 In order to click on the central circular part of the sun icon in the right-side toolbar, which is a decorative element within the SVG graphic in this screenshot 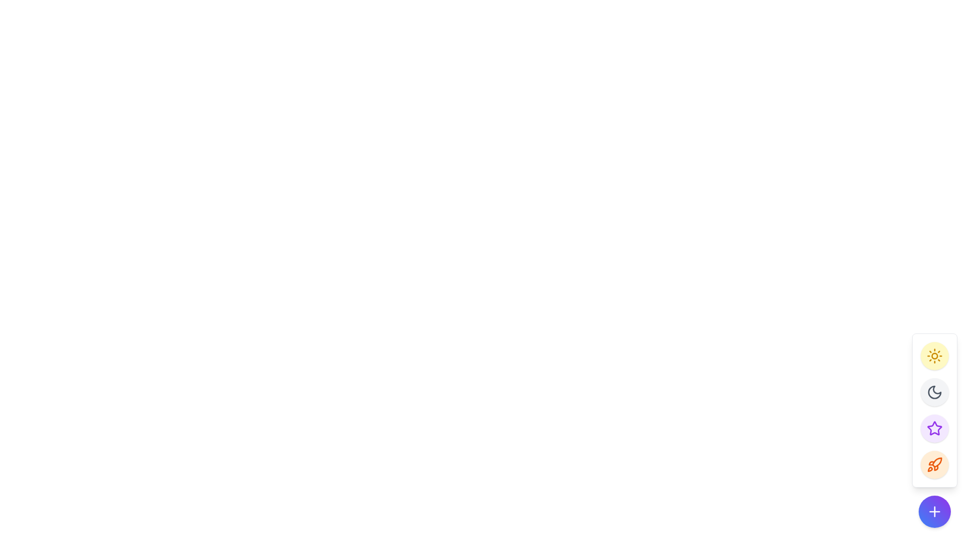, I will do `click(934, 355)`.